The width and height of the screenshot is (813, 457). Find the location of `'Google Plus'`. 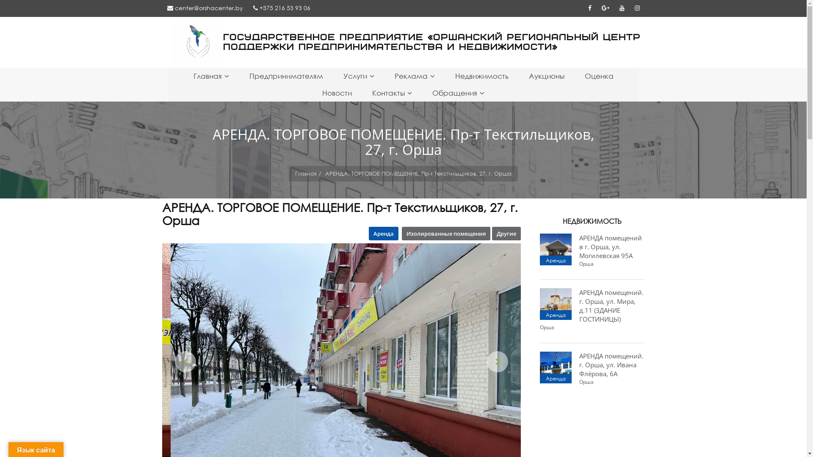

'Google Plus' is located at coordinates (605, 8).